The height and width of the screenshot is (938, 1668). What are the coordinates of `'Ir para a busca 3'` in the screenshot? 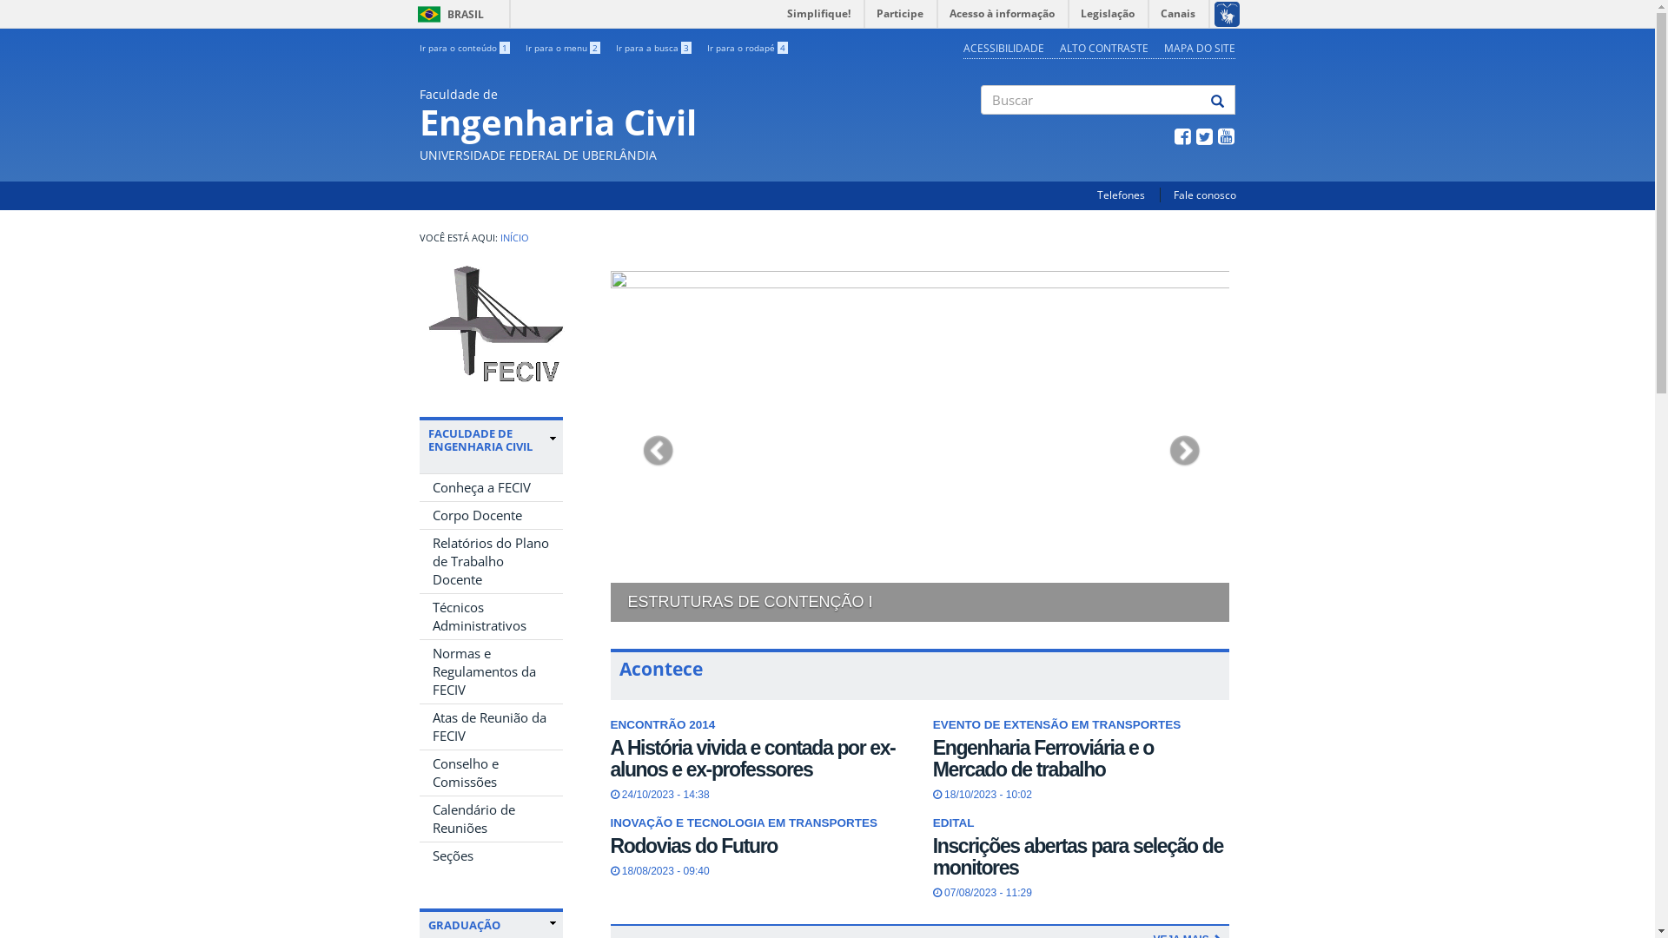 It's located at (652, 46).